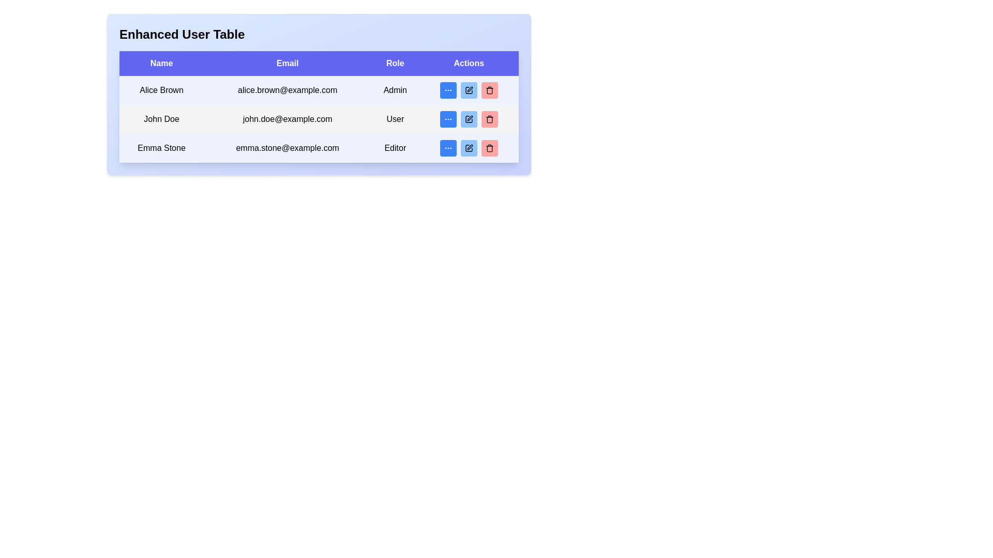  Describe the element at coordinates (489, 148) in the screenshot. I see `the small red button with a trash can icon in the third row of the table under the 'Actions' column` at that location.